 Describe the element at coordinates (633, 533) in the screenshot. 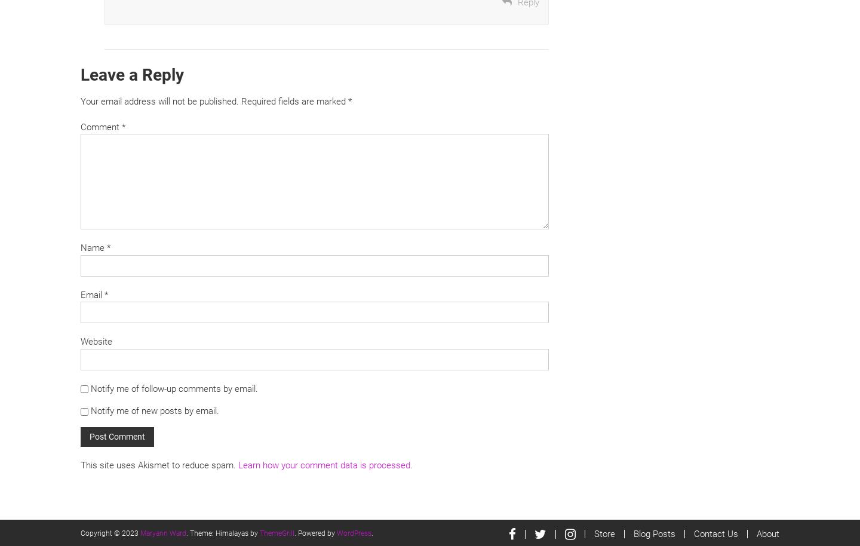

I see `'Blog Posts'` at that location.